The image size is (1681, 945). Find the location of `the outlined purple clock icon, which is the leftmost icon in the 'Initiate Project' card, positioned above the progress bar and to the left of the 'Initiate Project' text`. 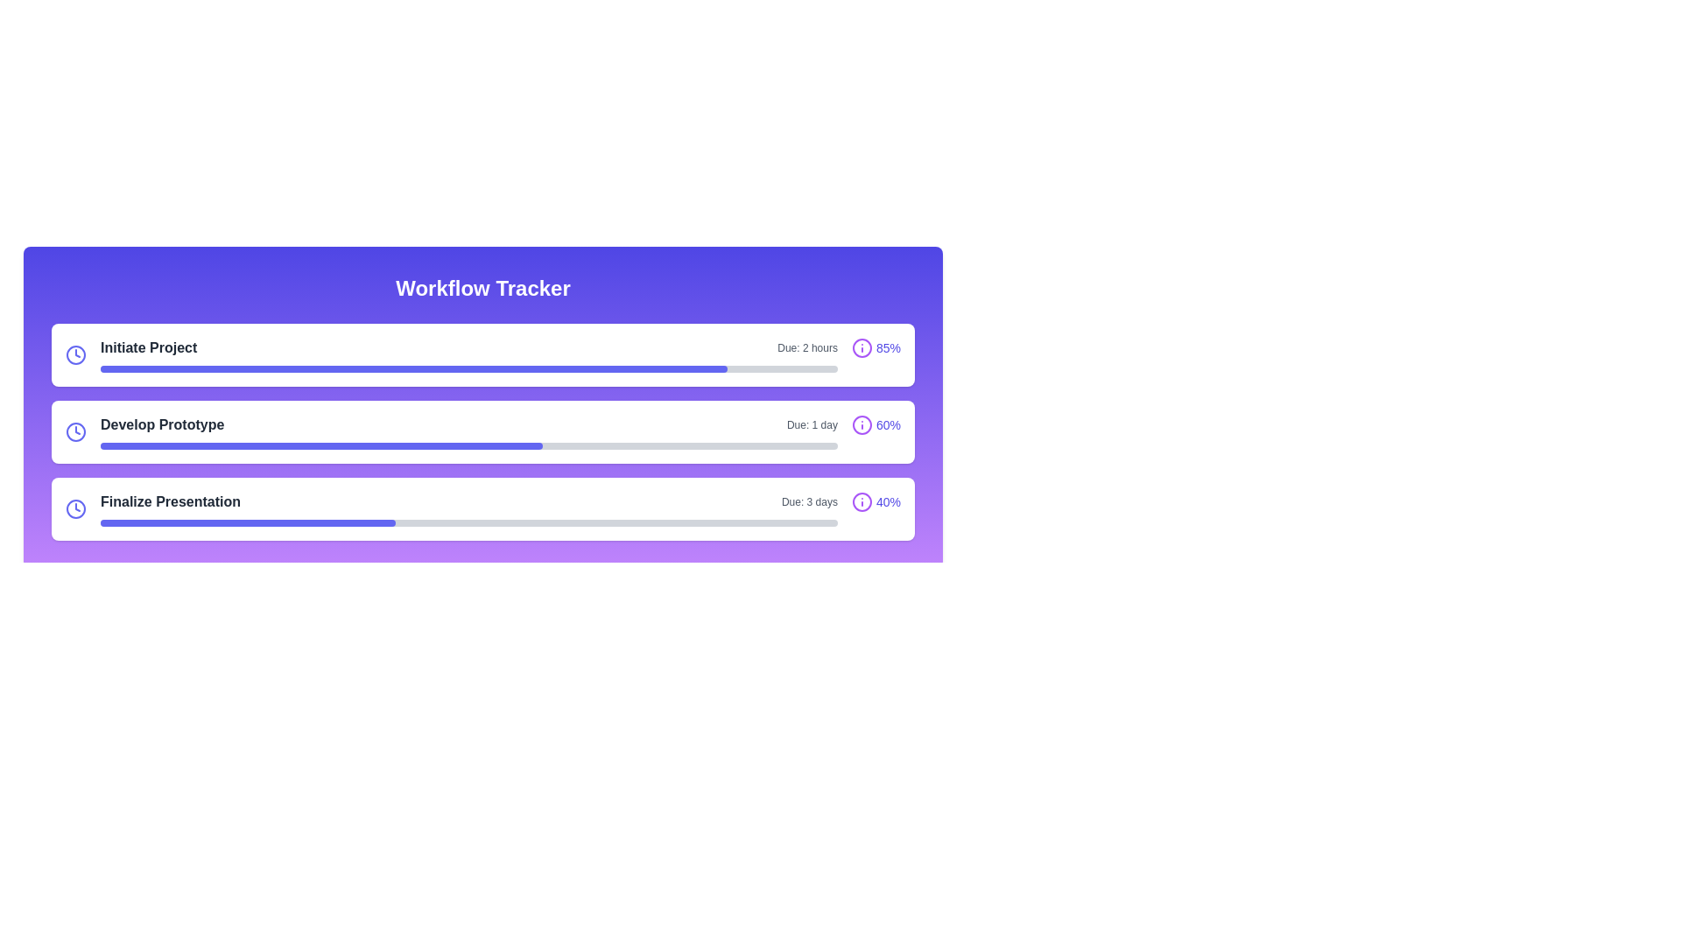

the outlined purple clock icon, which is the leftmost icon in the 'Initiate Project' card, positioned above the progress bar and to the left of the 'Initiate Project' text is located at coordinates (74, 354).